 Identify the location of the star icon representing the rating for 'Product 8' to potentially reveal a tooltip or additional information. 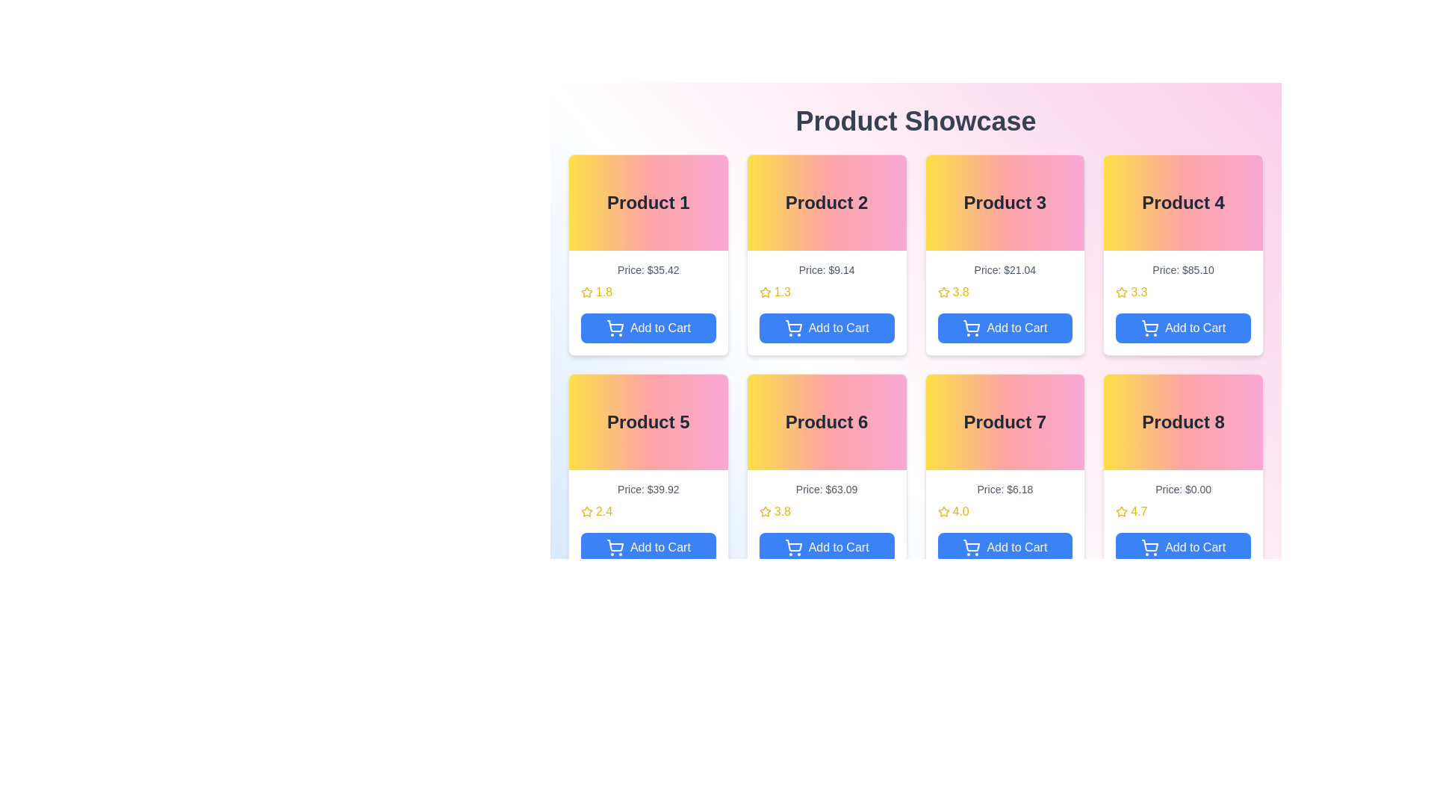
(1122, 511).